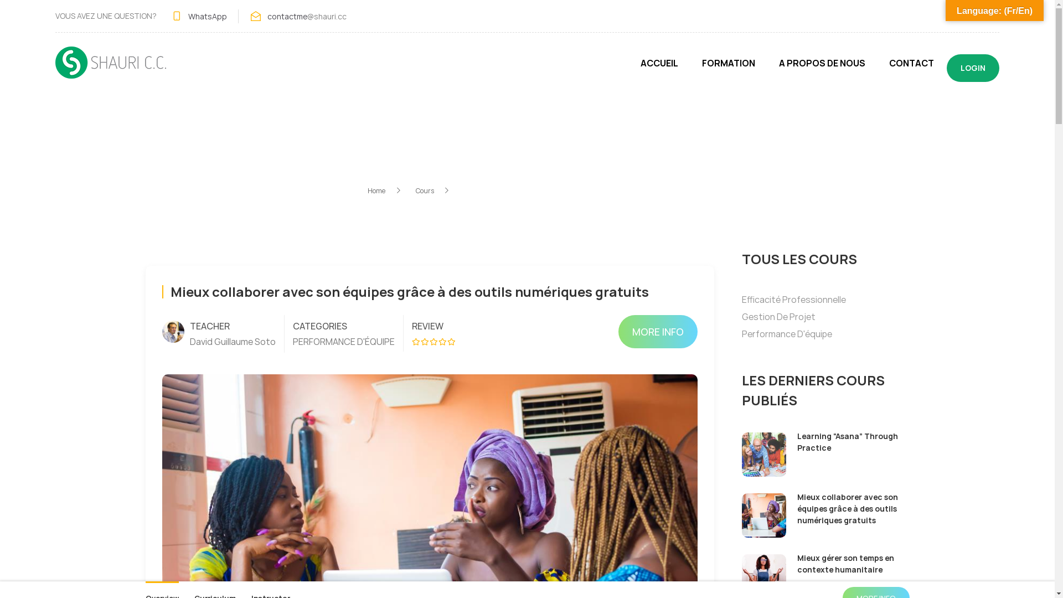 This screenshot has height=598, width=1063. What do you see at coordinates (231, 341) in the screenshot?
I see `'David Guillaume Soto'` at bounding box center [231, 341].